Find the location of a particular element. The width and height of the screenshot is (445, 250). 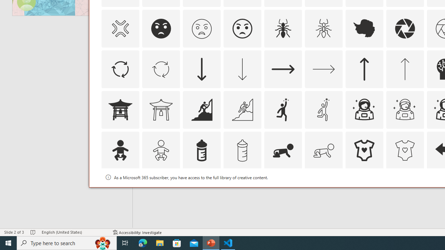

'AutomationID: Icons_AngryFace' is located at coordinates (161, 28).